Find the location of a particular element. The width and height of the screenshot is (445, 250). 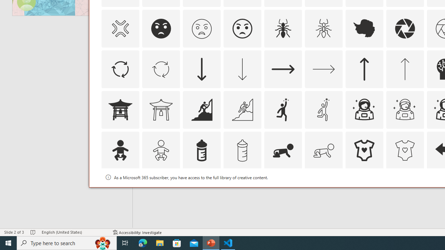

'AutomationID: Icons_AngryFace' is located at coordinates (161, 28).